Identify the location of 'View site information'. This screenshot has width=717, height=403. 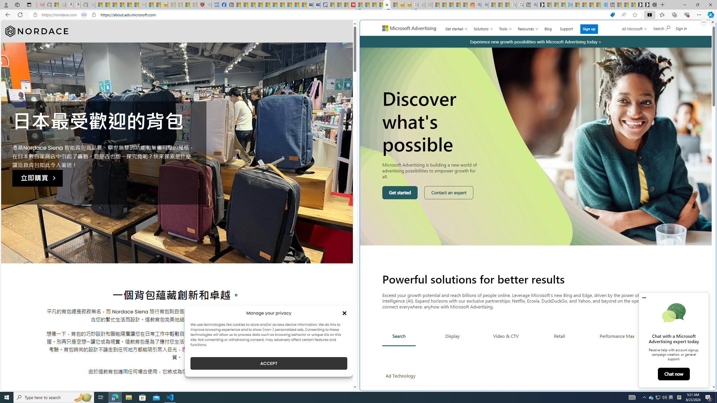
(94, 15).